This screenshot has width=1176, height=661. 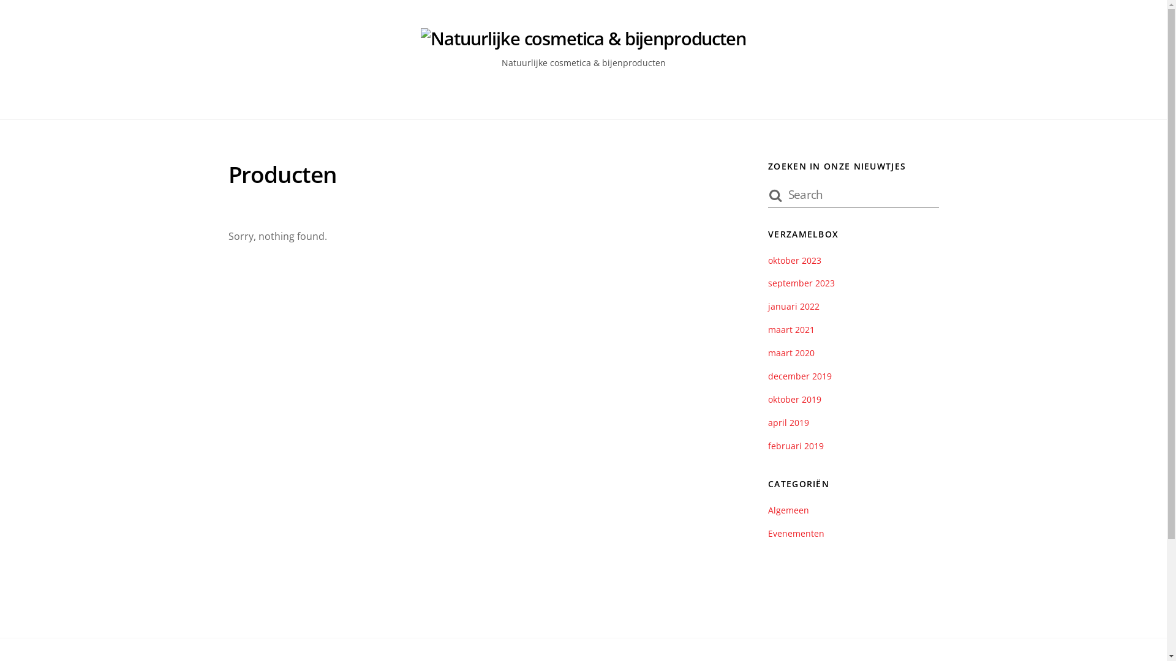 What do you see at coordinates (852, 193) in the screenshot?
I see `'Search'` at bounding box center [852, 193].